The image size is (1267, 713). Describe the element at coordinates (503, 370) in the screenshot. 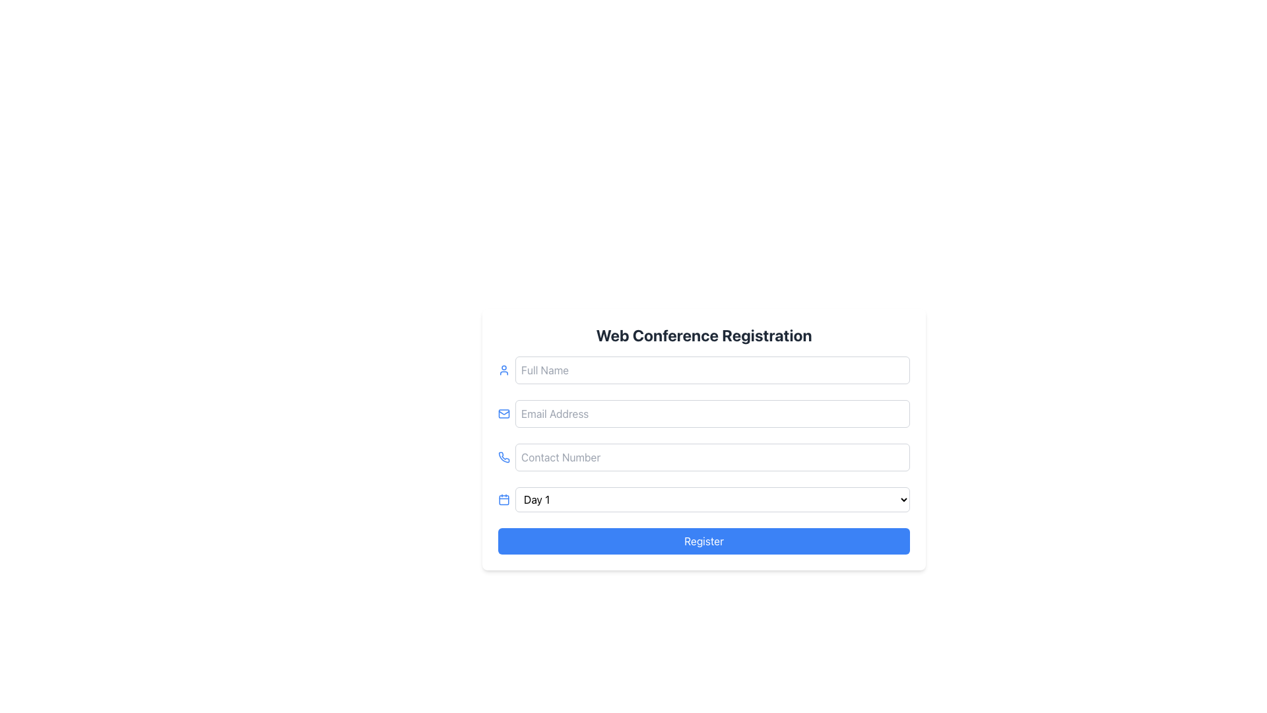

I see `the icon symbolizing the purpose of the adjacent text input field for entering a user's full name, positioned at the beginning of the horizontal layout beside the text input labeled 'Full Name'` at that location.